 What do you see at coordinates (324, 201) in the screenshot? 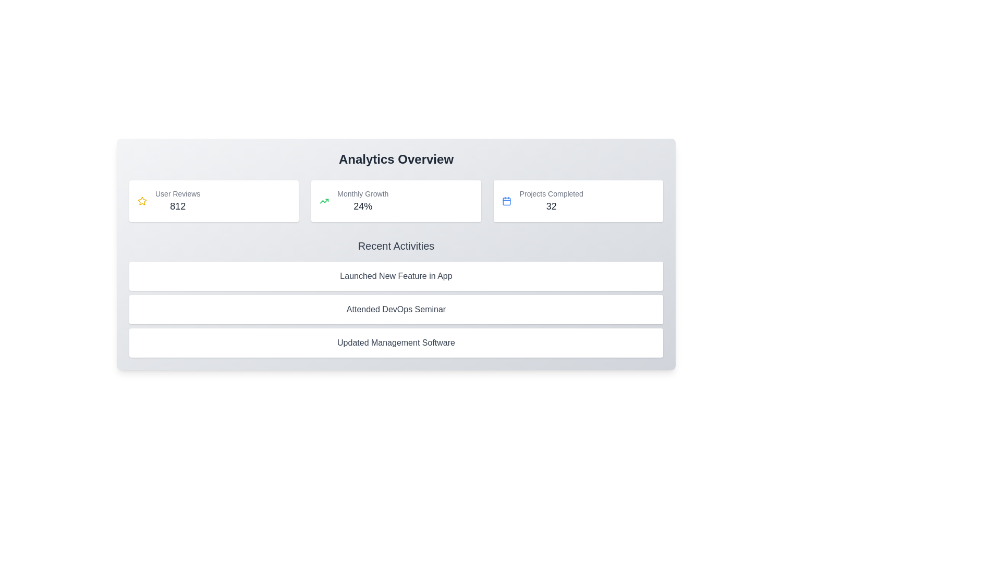
I see `the green upward arrow icon with a line chart located in the top-center section of the interface, specifically within the 'Monthly Growth' card, to the left of the text '24%'` at bounding box center [324, 201].